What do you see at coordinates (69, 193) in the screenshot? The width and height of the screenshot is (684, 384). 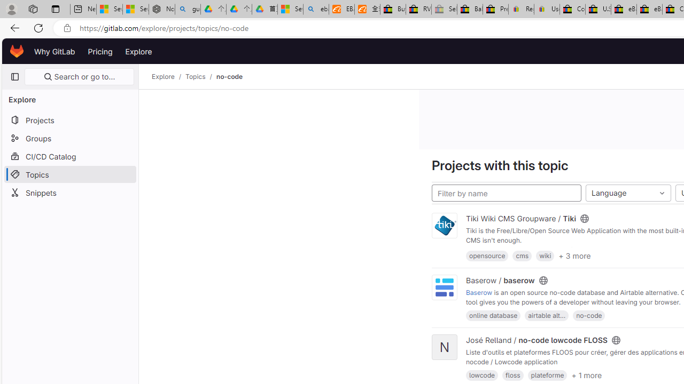 I see `'Snippets'` at bounding box center [69, 193].